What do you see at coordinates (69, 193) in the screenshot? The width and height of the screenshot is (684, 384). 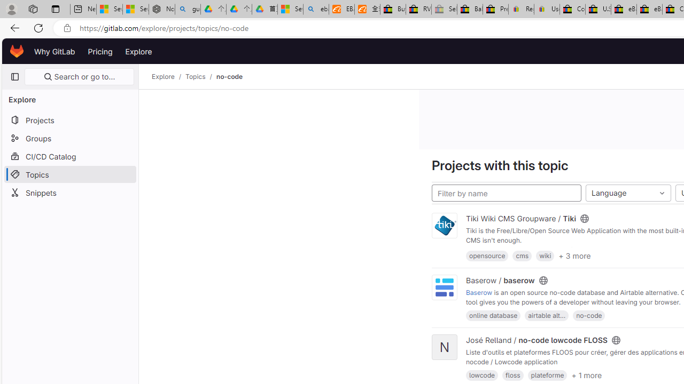 I see `'Snippets'` at bounding box center [69, 193].